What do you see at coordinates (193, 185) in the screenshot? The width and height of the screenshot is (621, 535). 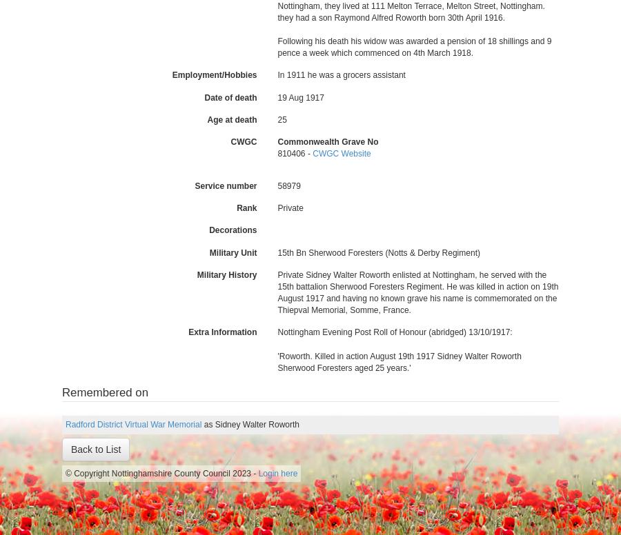 I see `'Service number'` at bounding box center [193, 185].